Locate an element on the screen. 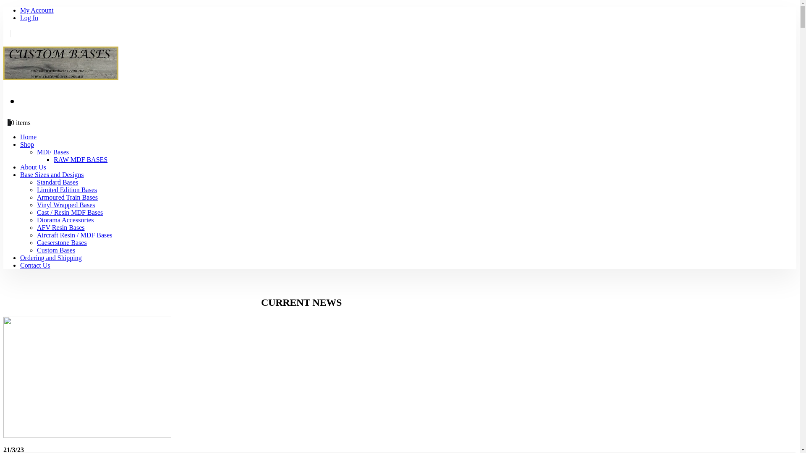 Image resolution: width=806 pixels, height=453 pixels. 'Aircraft Resin / MDF Bases' is located at coordinates (74, 235).